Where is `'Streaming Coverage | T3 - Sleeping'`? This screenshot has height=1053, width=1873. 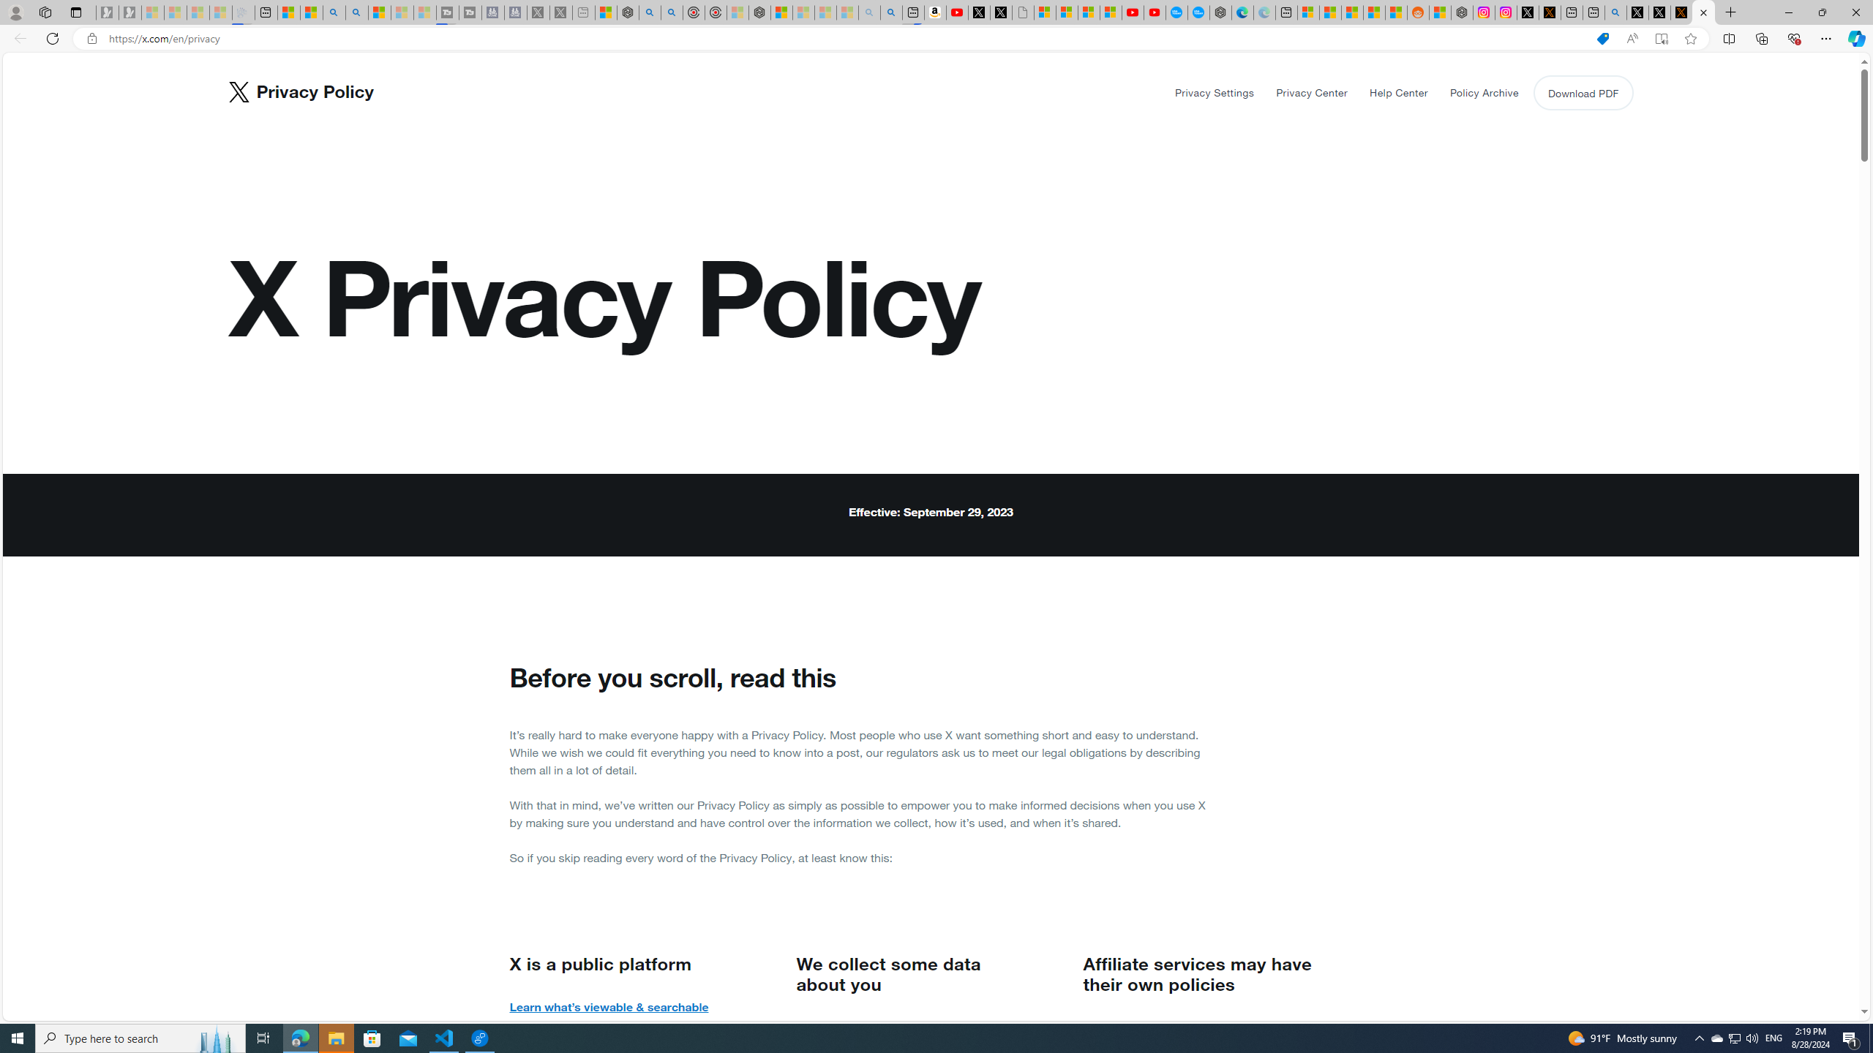 'Streaming Coverage | T3 - Sleeping' is located at coordinates (447, 12).